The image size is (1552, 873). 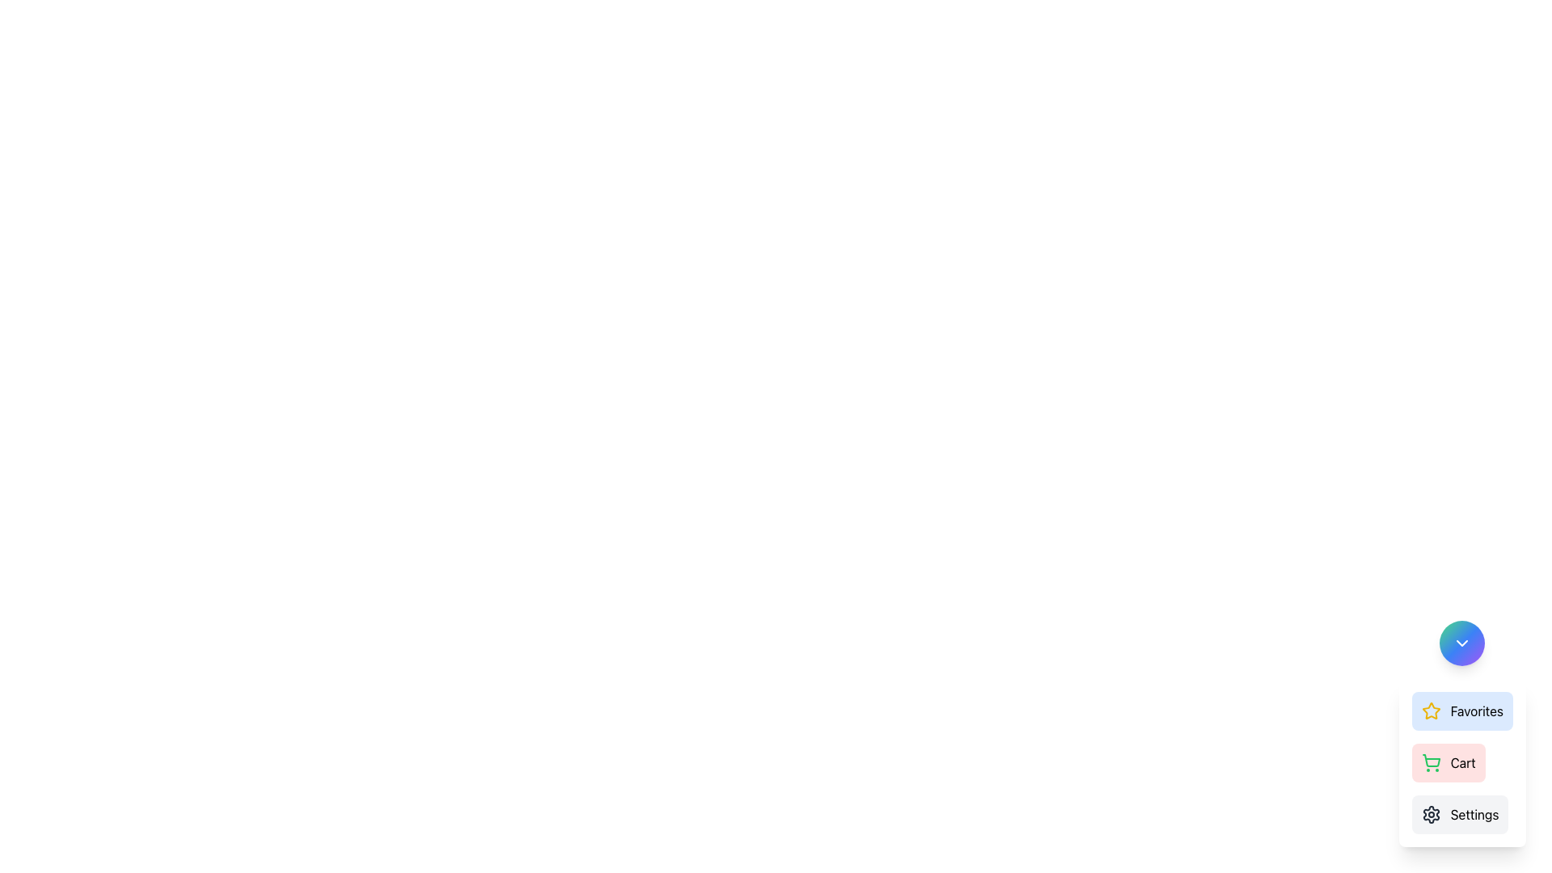 I want to click on the shopping cart icon located in the vertical menu between 'Favorites' and 'Settings', so click(x=1431, y=761).